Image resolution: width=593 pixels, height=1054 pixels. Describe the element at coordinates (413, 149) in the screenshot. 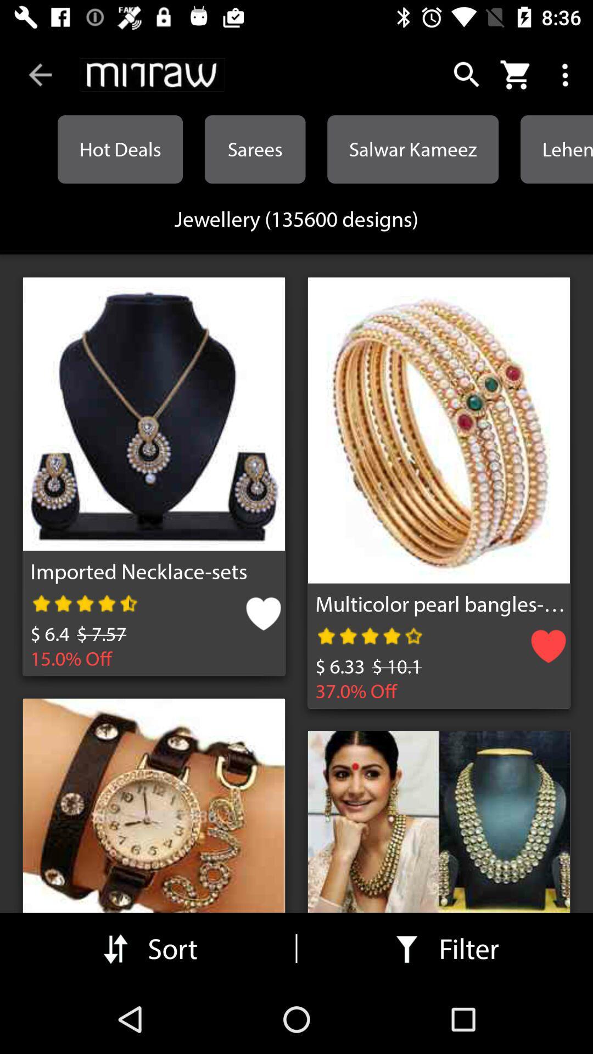

I see `the option salwar kameez` at that location.